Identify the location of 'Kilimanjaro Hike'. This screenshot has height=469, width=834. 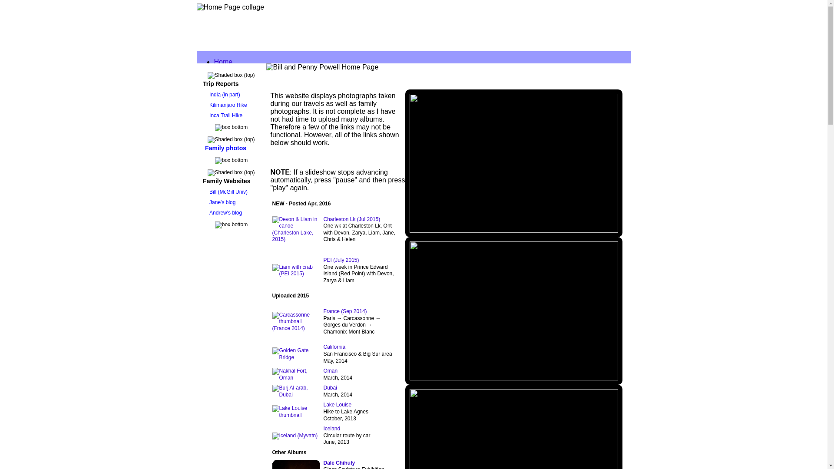
(206, 105).